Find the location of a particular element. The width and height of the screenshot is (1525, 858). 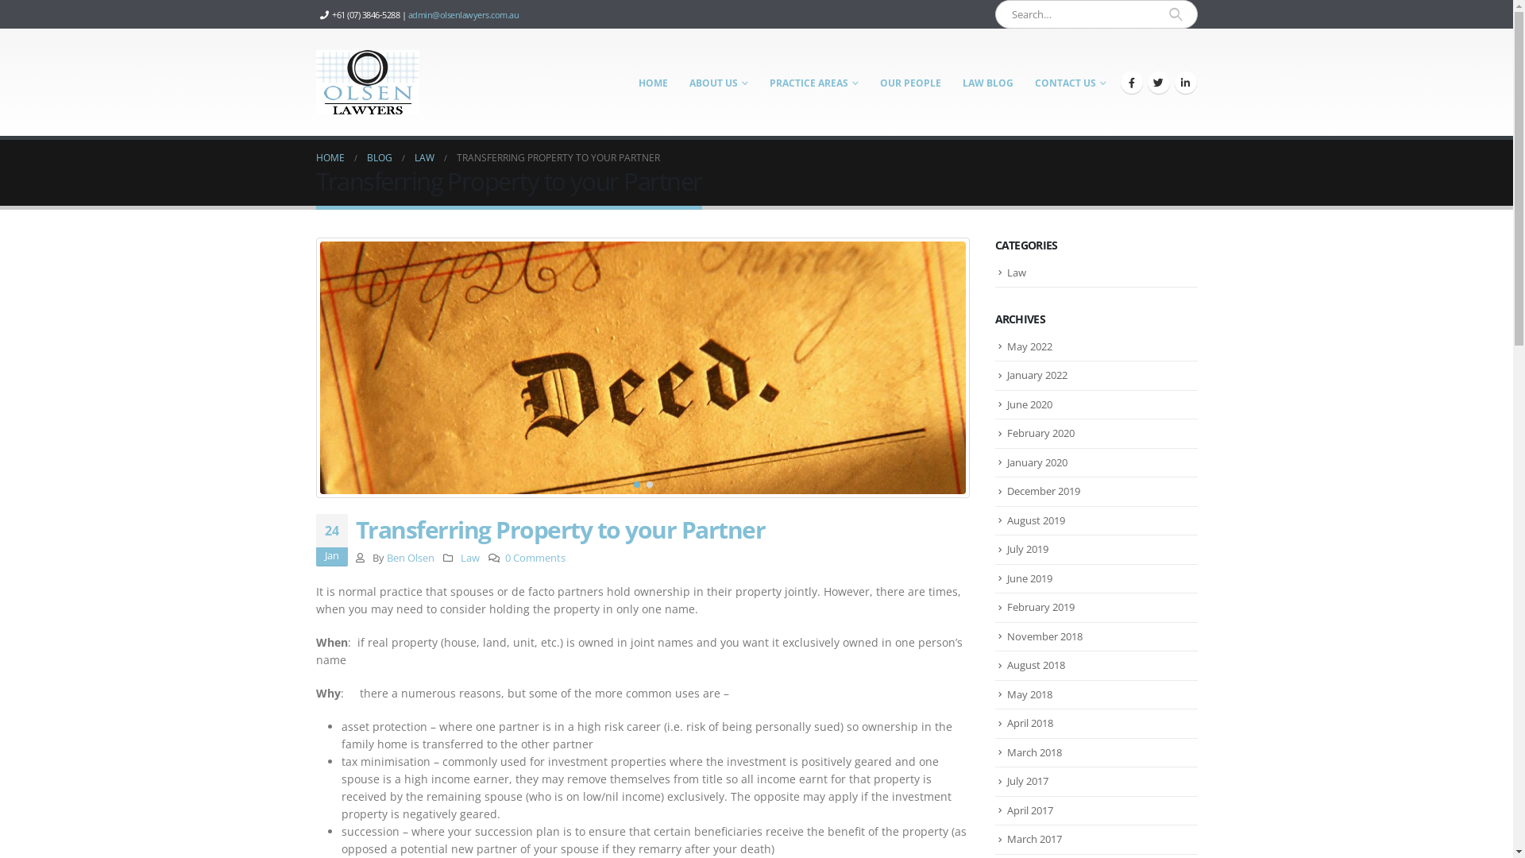

'Search' is located at coordinates (1176, 14).